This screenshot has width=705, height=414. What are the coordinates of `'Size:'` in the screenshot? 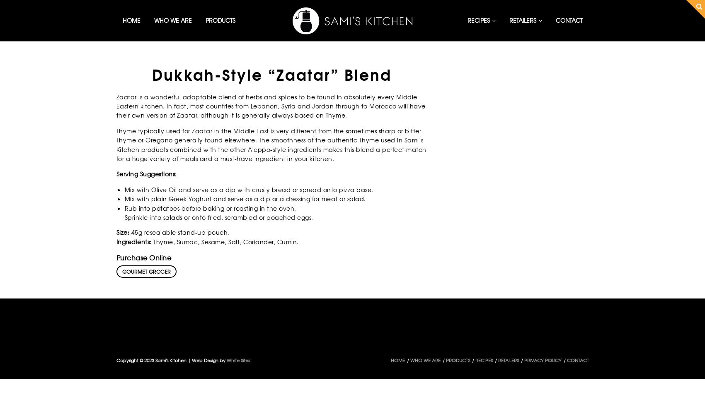 It's located at (116, 232).